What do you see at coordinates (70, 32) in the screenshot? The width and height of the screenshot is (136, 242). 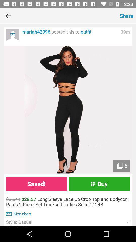 I see `the mariah42096 posted this` at bounding box center [70, 32].